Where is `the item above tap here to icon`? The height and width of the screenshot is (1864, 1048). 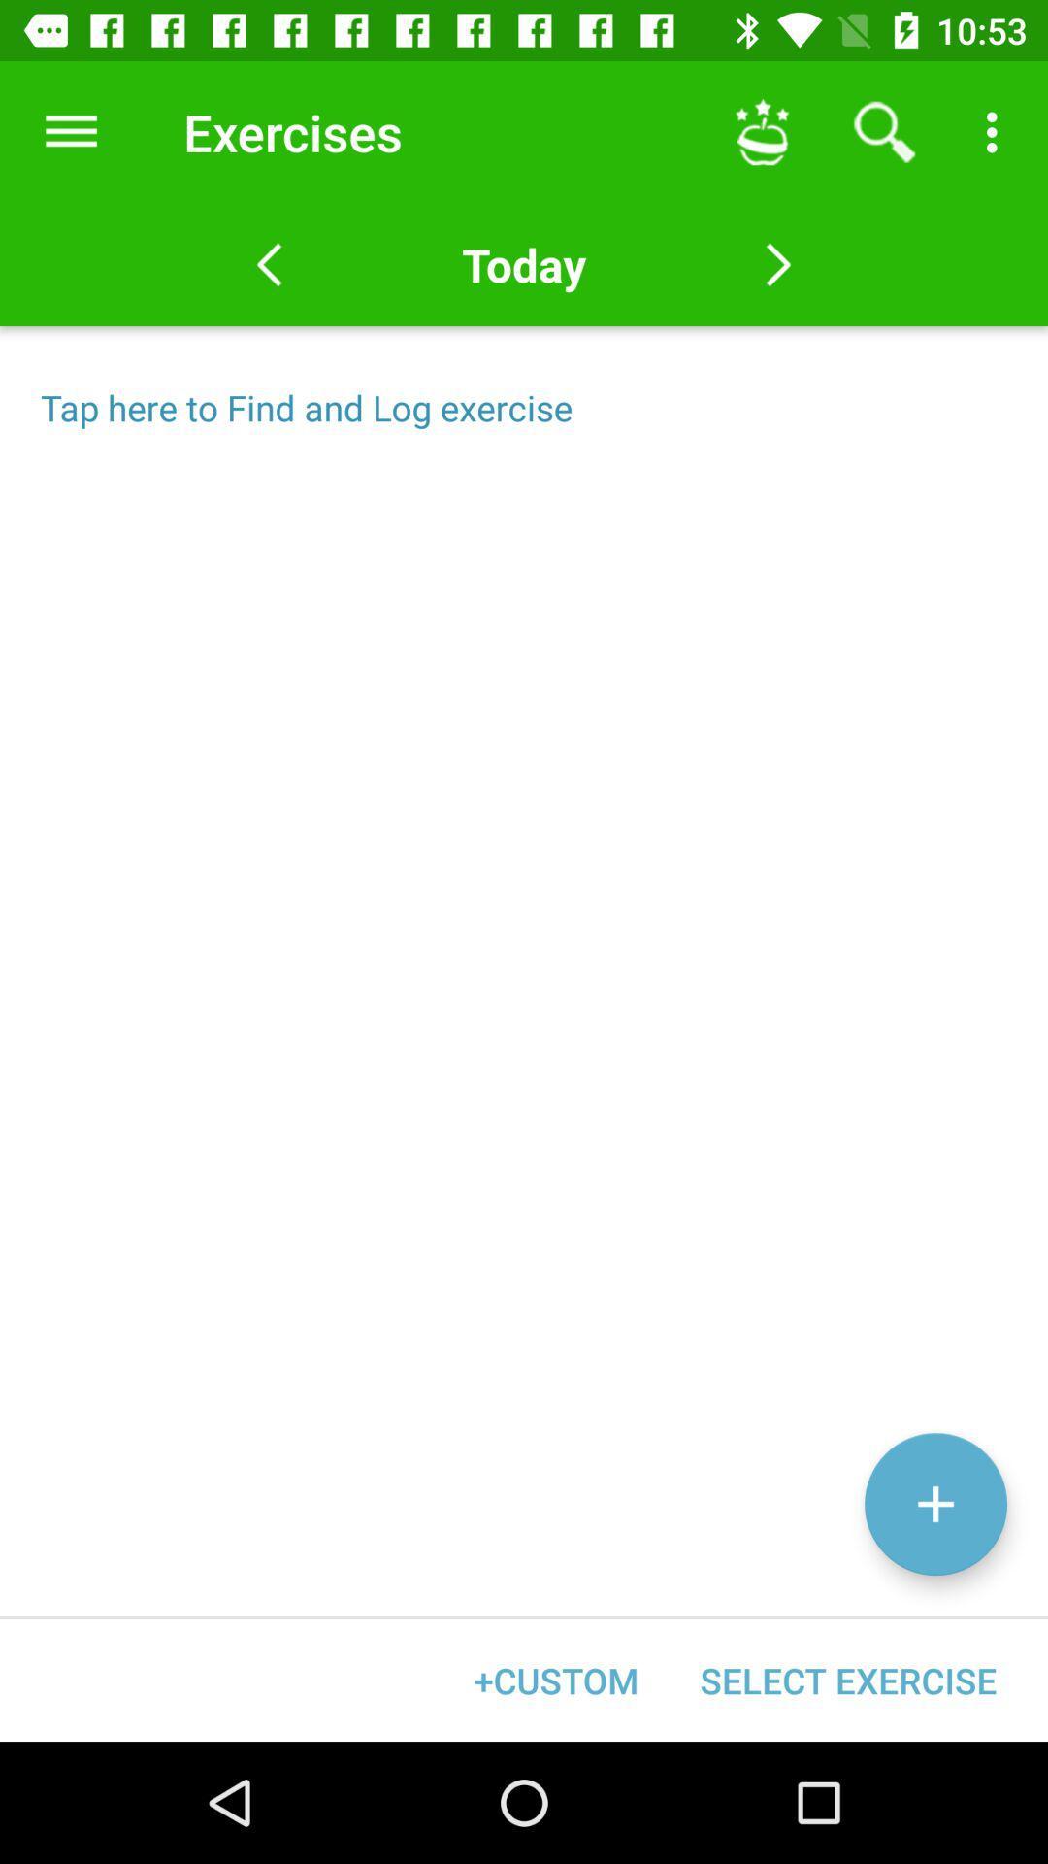 the item above tap here to icon is located at coordinates (524, 264).